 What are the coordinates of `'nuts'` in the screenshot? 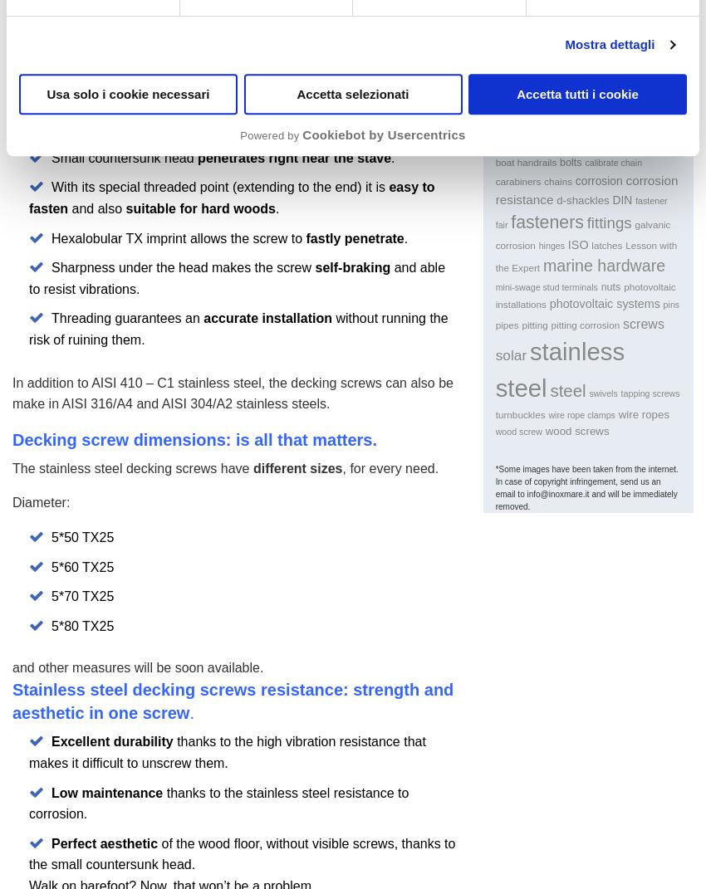 It's located at (610, 285).